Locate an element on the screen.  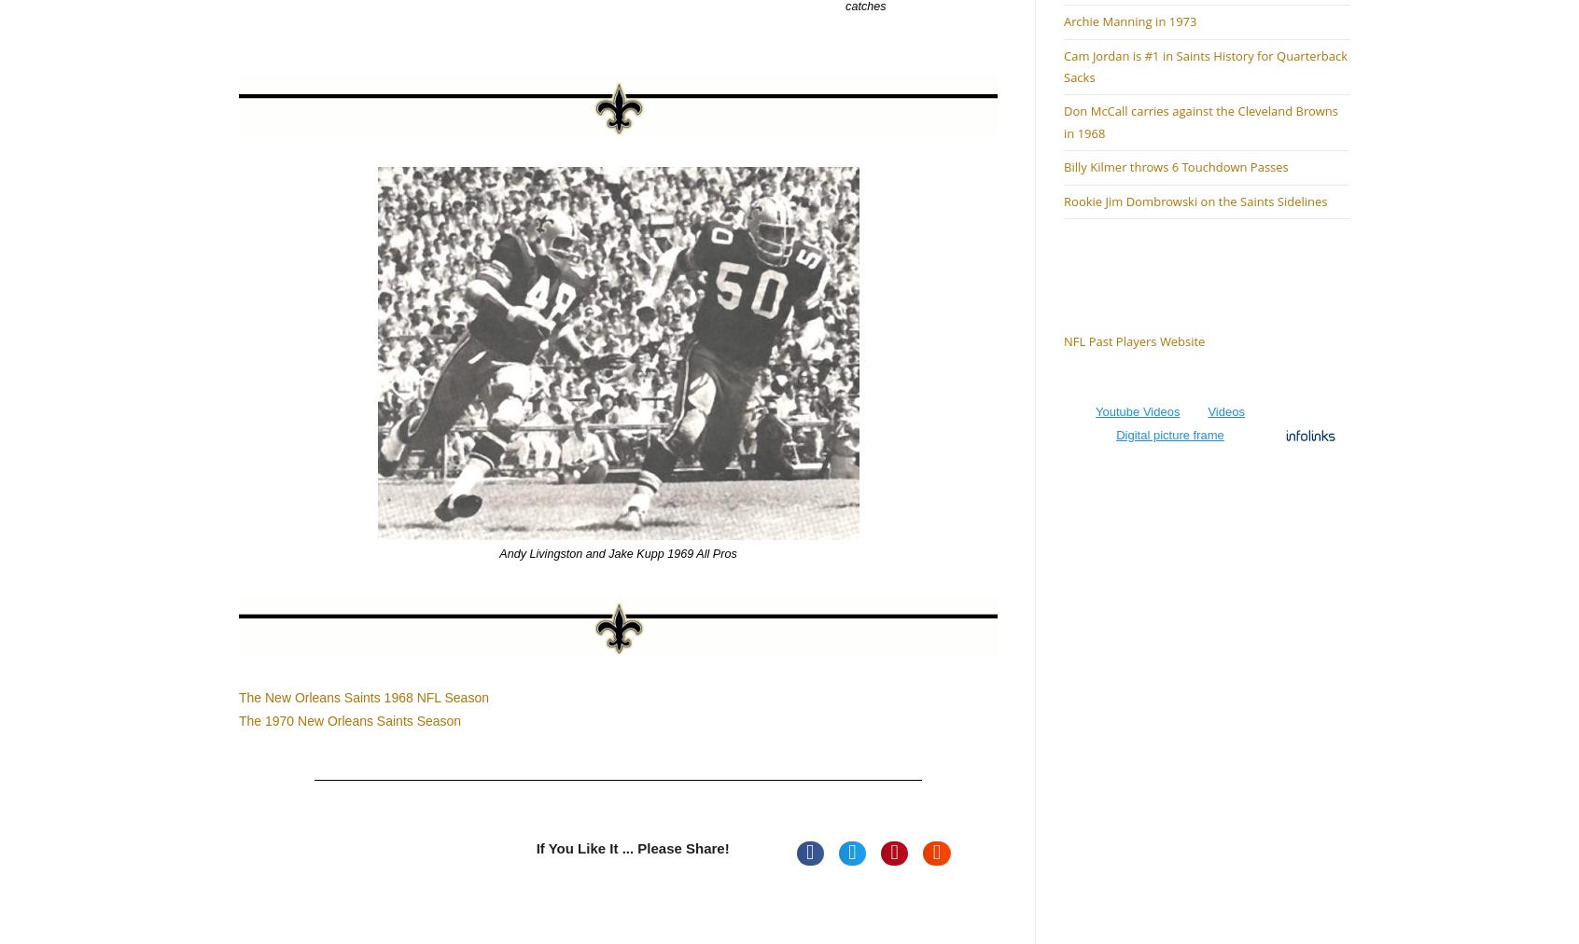
'Don McCall carries against the Cleveland Browns in 1968' is located at coordinates (1199, 121).